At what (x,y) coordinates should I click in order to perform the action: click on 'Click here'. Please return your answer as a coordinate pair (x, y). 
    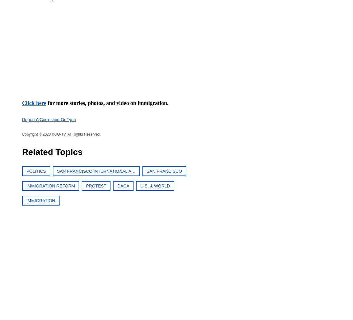
    Looking at the image, I should click on (33, 102).